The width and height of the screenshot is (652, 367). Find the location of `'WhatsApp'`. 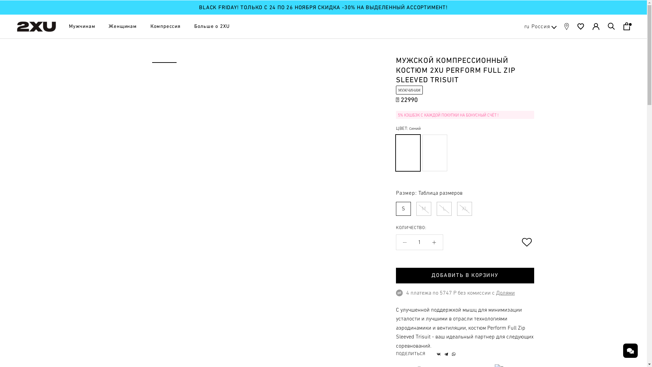

'WhatsApp' is located at coordinates (453, 353).